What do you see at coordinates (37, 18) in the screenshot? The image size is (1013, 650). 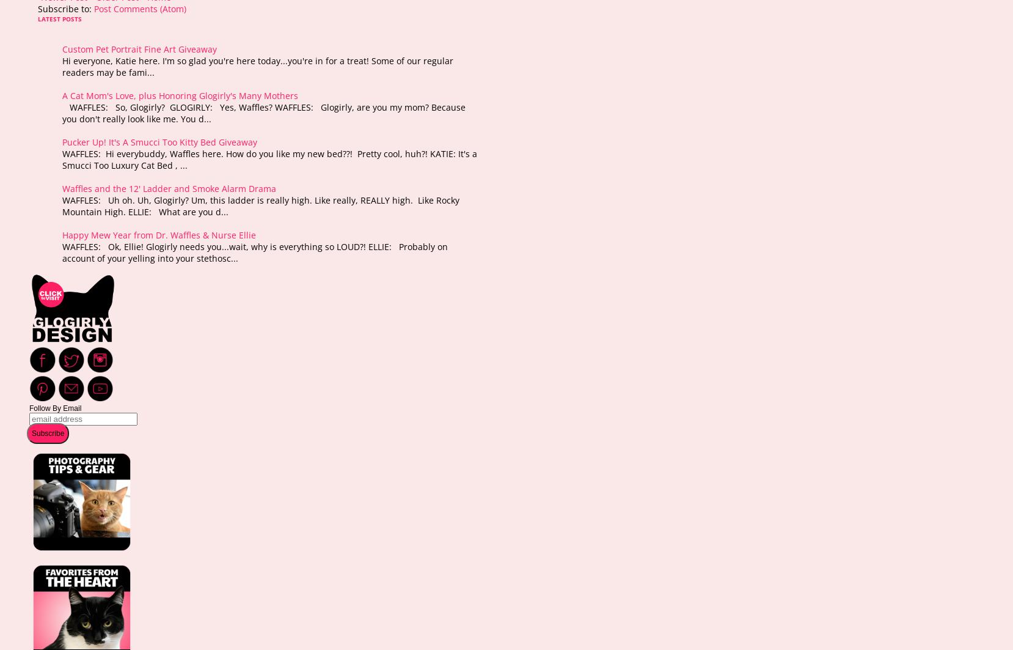 I see `'LATEST POSTS'` at bounding box center [37, 18].